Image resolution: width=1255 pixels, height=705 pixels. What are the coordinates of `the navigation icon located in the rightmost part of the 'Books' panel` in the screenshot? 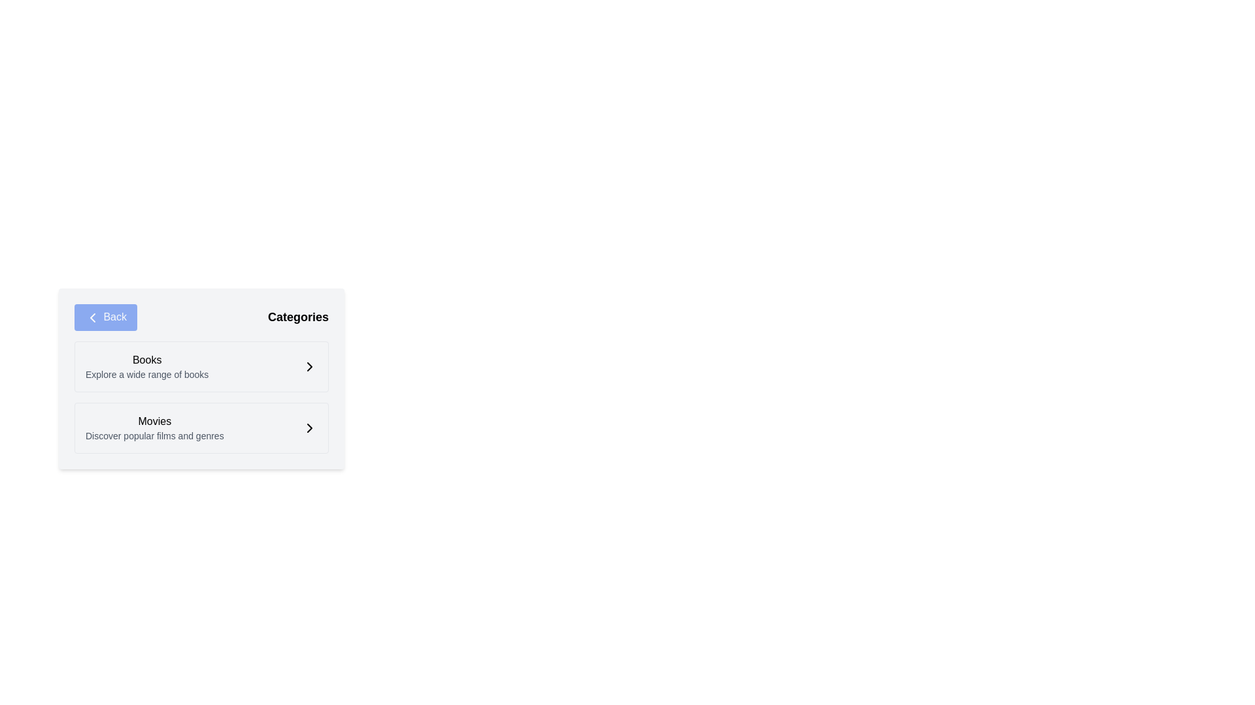 It's located at (309, 366).